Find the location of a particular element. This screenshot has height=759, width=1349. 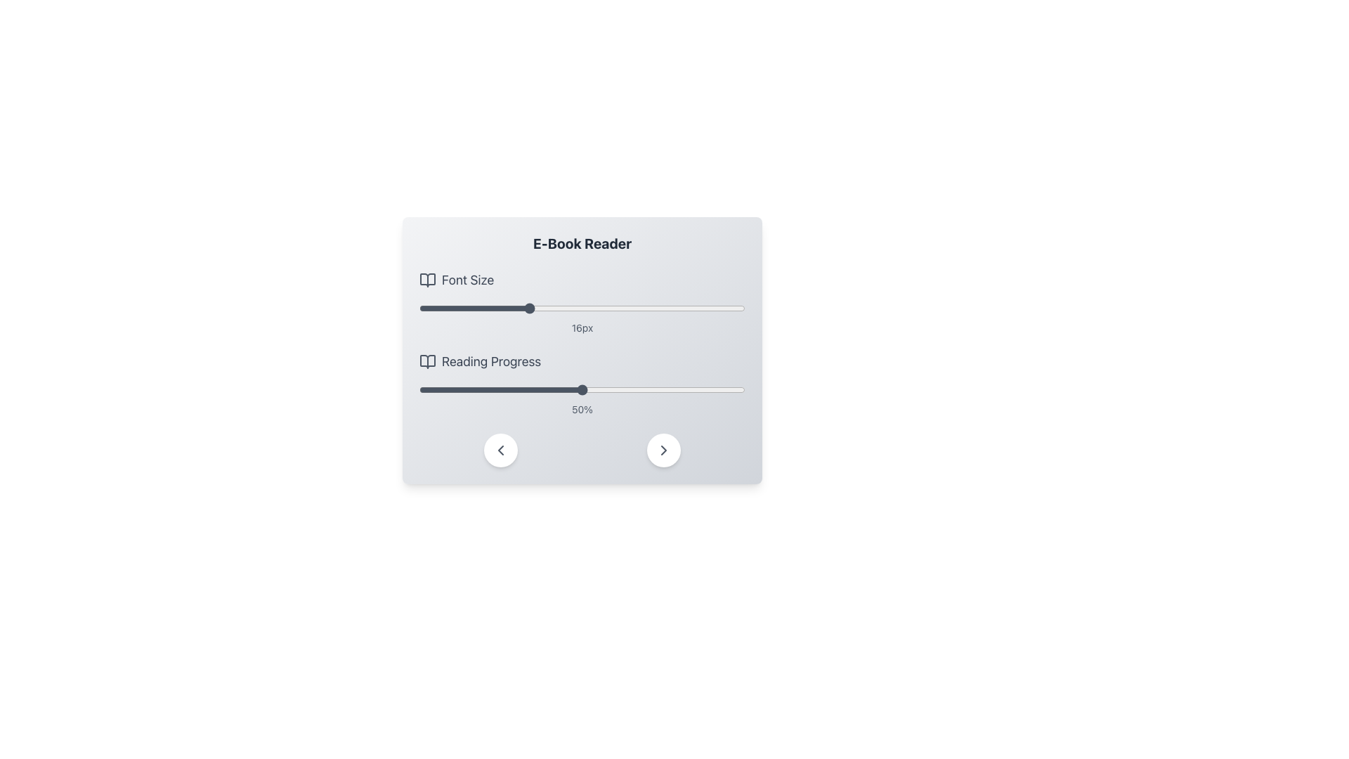

the text label displaying '16px' located directly beneath the font size slider in the 'Font Size' section of the interface is located at coordinates (582, 327).